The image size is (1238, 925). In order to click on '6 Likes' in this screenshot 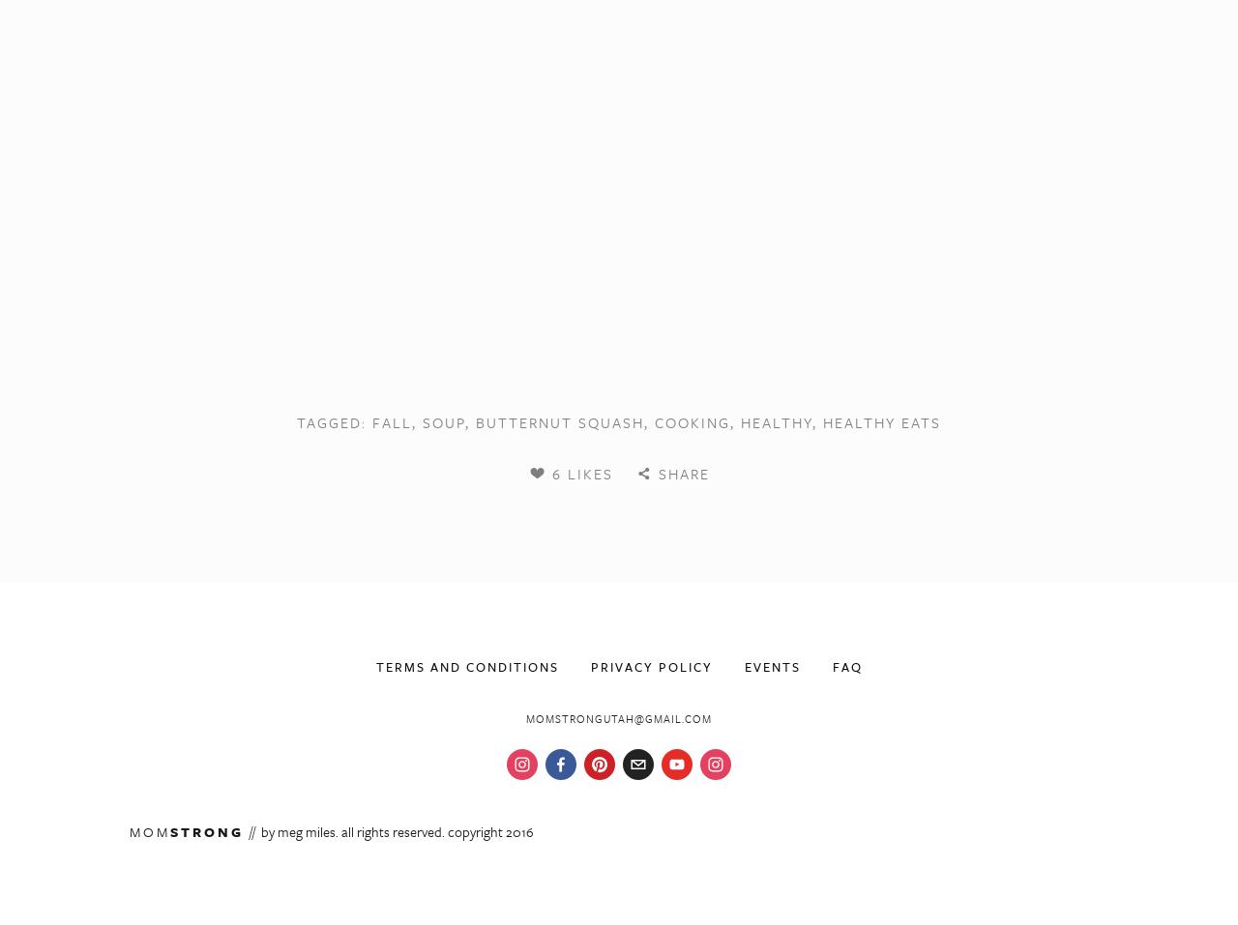, I will do `click(581, 473)`.